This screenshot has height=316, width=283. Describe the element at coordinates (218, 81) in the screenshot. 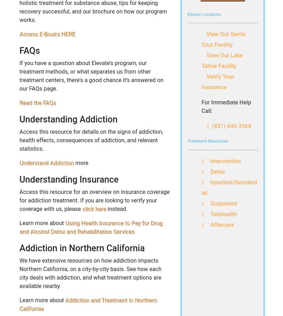

I see `'Verify Your Insurance'` at that location.